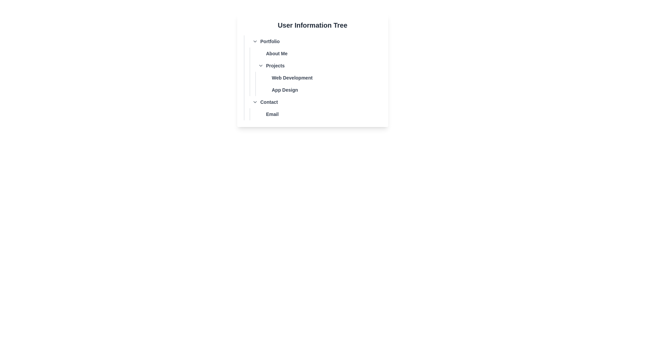 This screenshot has height=364, width=647. I want to click on the 'Portfolio' menu item located within the collapsible menu under 'User Information Tree', which is aligned to the right of the downward chevron icon, so click(270, 41).